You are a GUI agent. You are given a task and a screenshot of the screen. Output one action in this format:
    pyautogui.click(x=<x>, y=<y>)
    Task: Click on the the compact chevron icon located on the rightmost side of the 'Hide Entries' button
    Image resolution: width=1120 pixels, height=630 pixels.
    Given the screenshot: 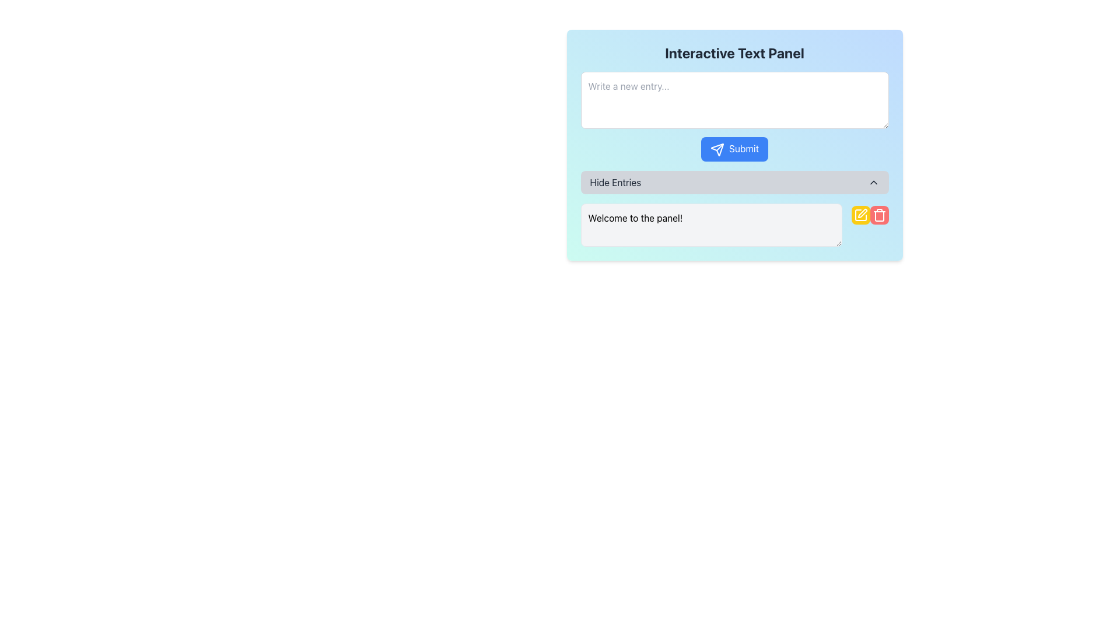 What is the action you would take?
    pyautogui.click(x=873, y=182)
    